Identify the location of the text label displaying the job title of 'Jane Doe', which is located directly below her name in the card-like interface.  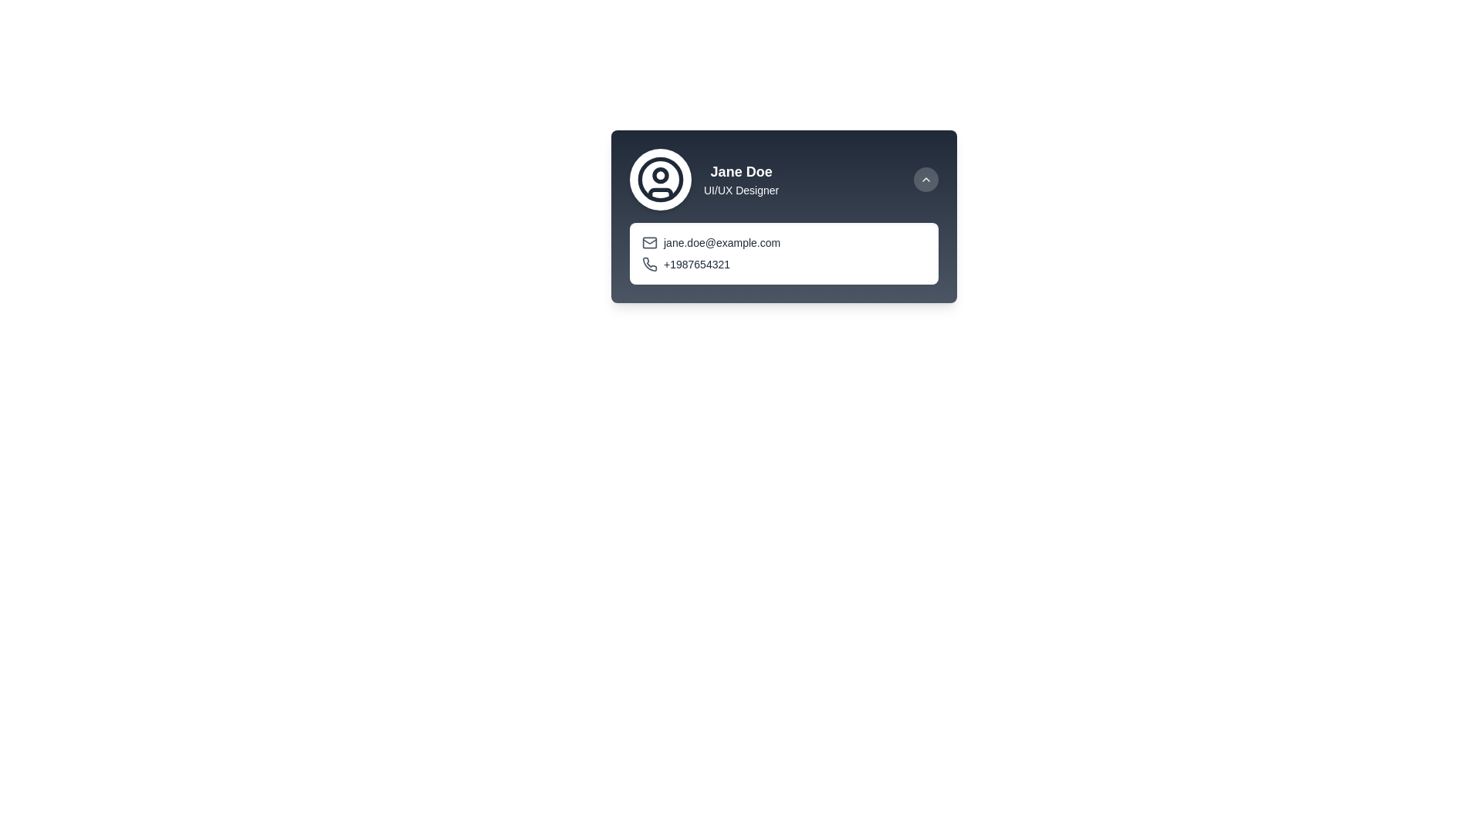
(741, 189).